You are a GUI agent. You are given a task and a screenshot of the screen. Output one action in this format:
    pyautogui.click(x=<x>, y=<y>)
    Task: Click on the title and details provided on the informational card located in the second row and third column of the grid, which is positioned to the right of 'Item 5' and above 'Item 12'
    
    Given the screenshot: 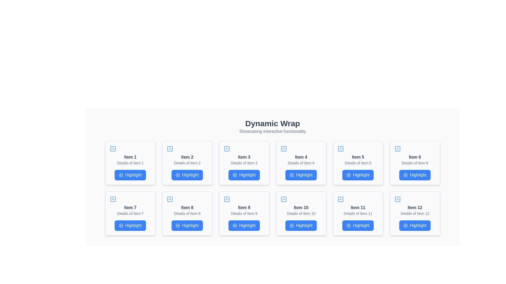 What is the action you would take?
    pyautogui.click(x=415, y=163)
    